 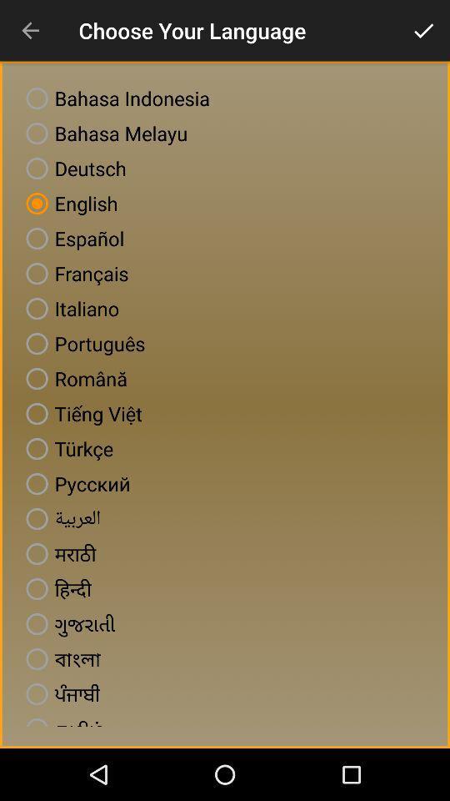 What do you see at coordinates (72, 169) in the screenshot?
I see `deutsch item` at bounding box center [72, 169].